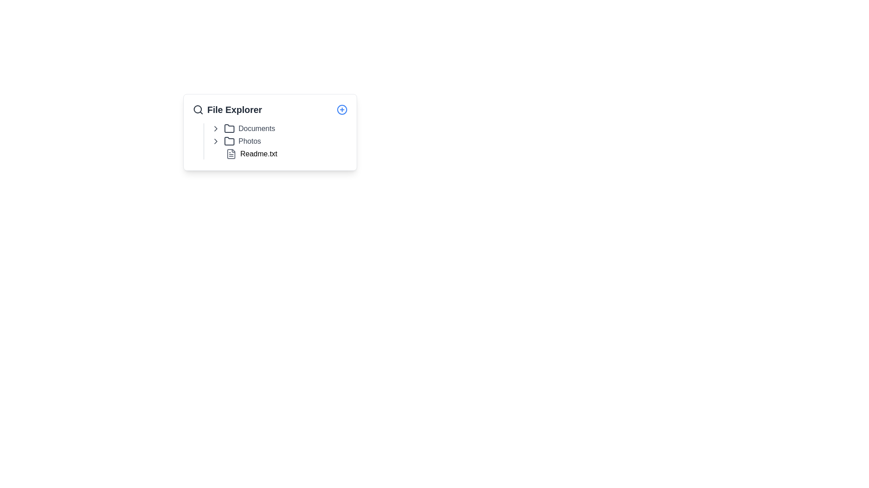 The width and height of the screenshot is (869, 488). What do you see at coordinates (236, 141) in the screenshot?
I see `the 'Photos' interactive link located under the 'Documents' folder` at bounding box center [236, 141].